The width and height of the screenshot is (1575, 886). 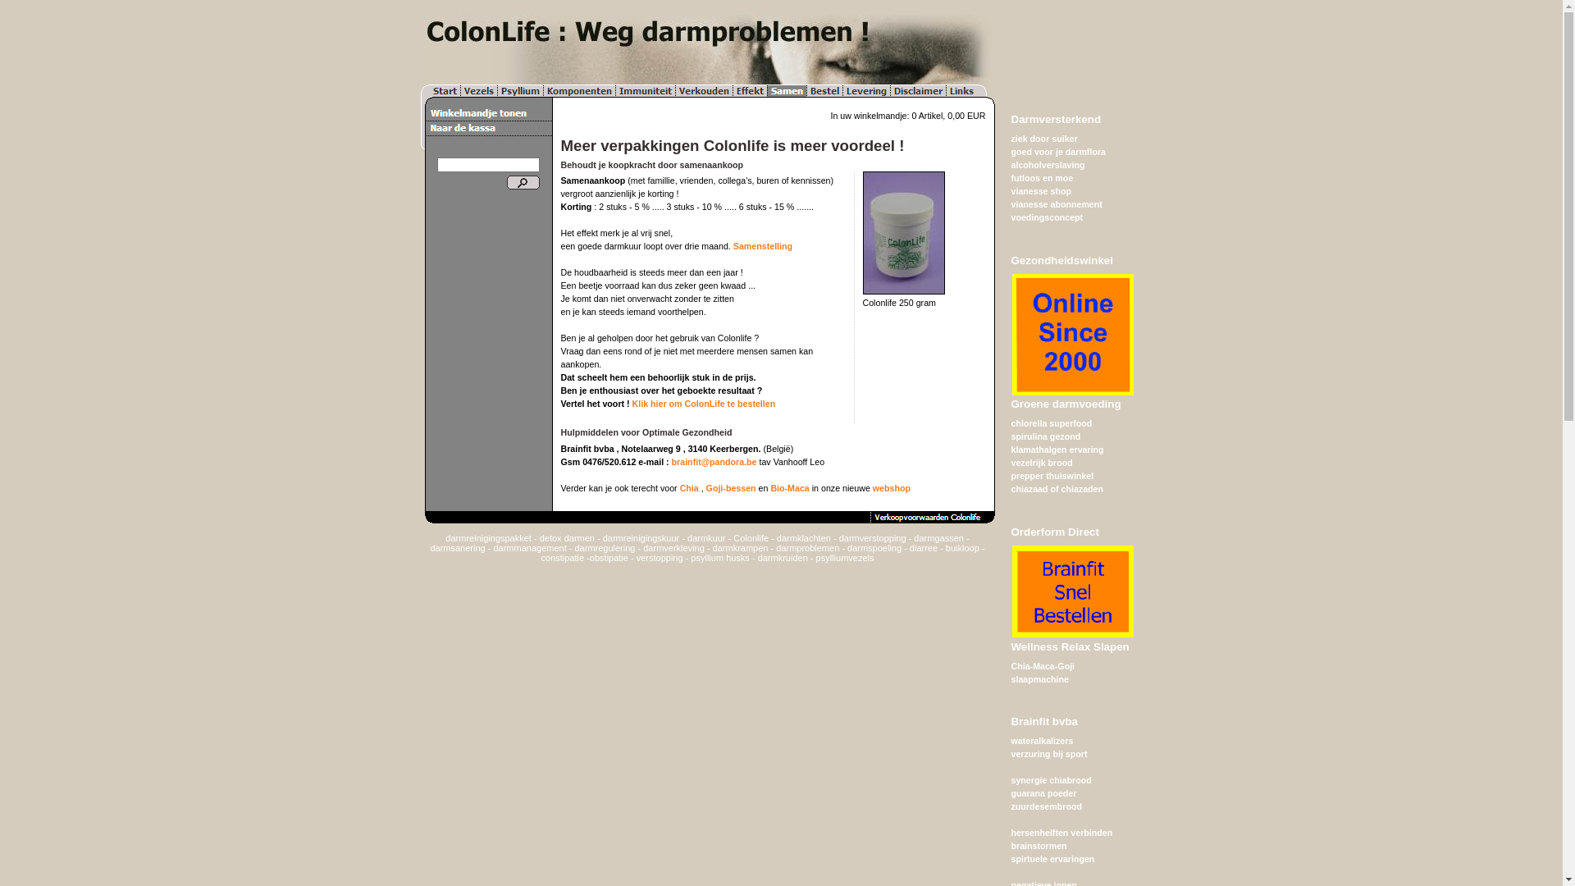 What do you see at coordinates (1038, 845) in the screenshot?
I see `'brainstormen'` at bounding box center [1038, 845].